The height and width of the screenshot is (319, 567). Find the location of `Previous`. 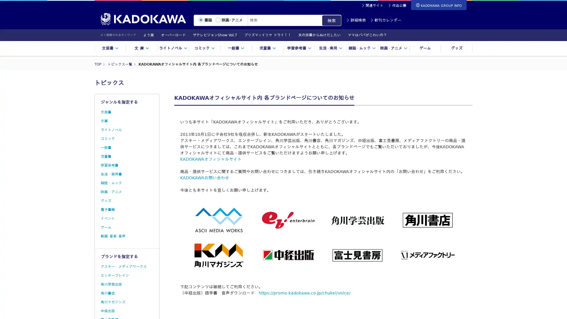

Previous is located at coordinates (135, 35).